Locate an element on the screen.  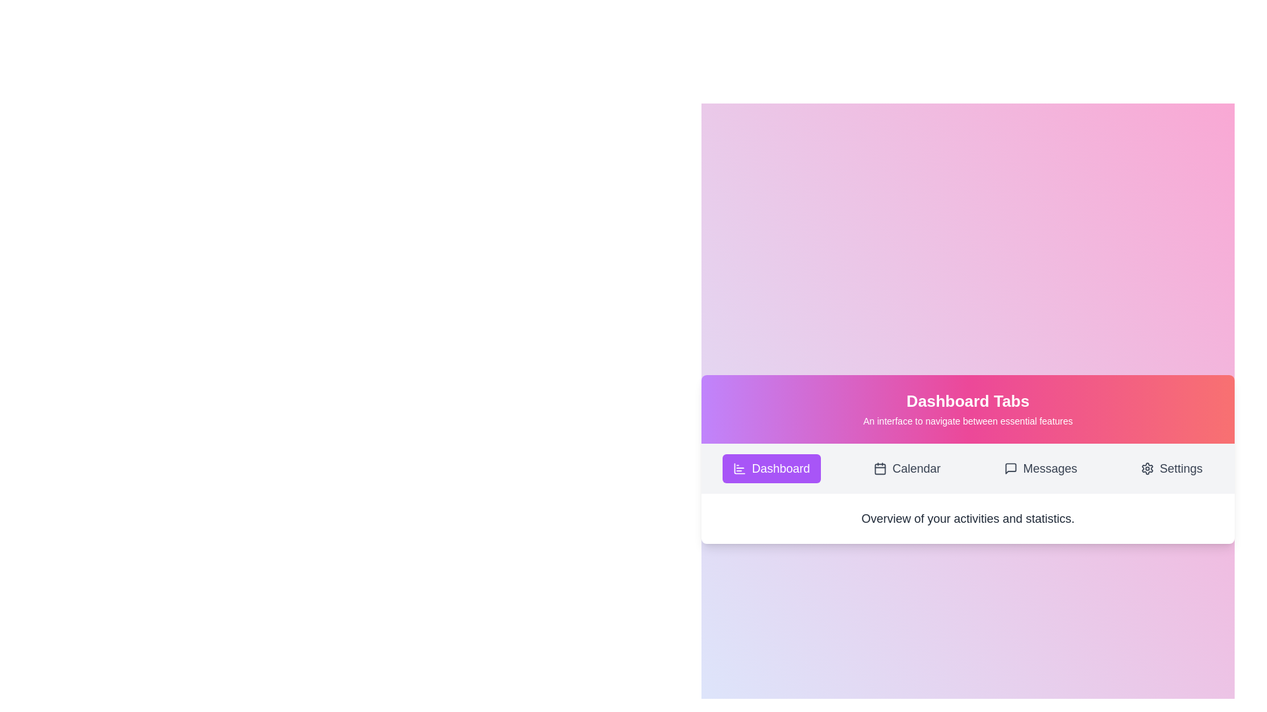
the 'Settings' tab, which is the last option in the horizontal navigation bar is located at coordinates (1172, 467).